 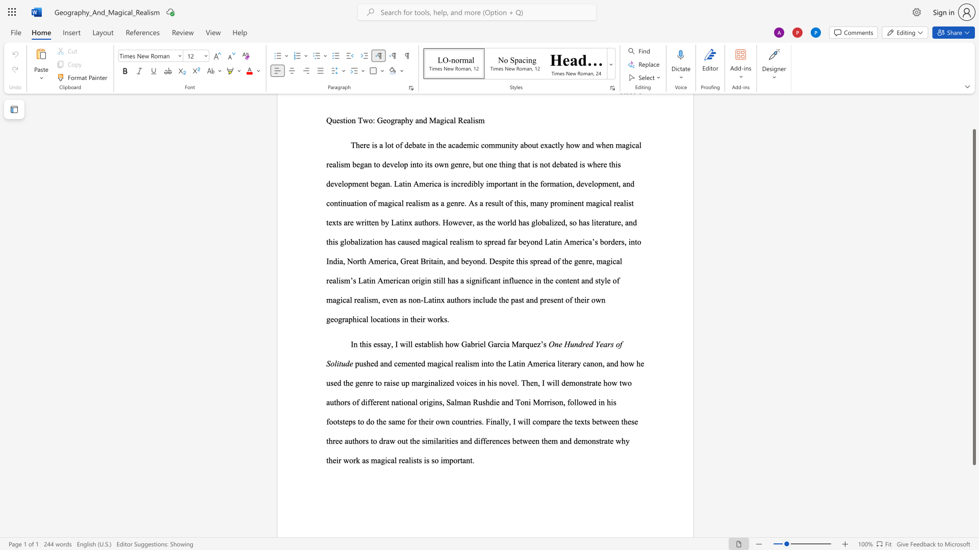 What do you see at coordinates (973, 117) in the screenshot?
I see `the scrollbar to scroll upward` at bounding box center [973, 117].